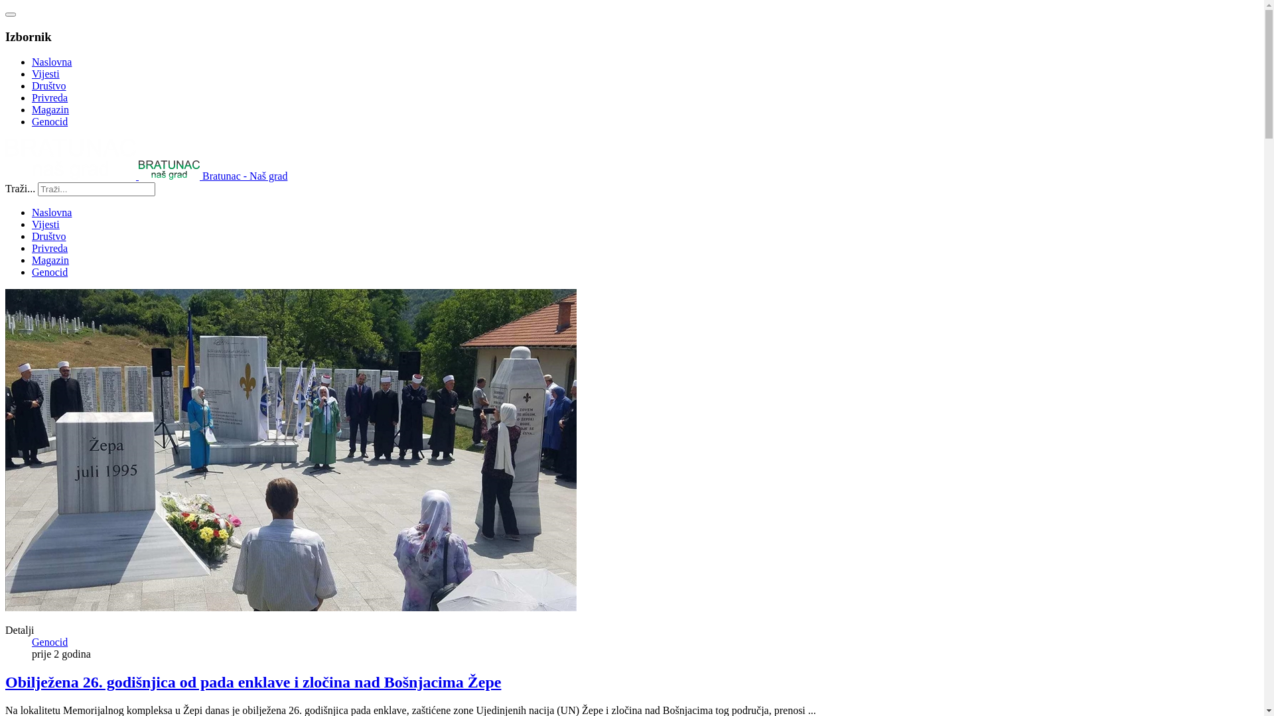 Image resolution: width=1274 pixels, height=716 pixels. I want to click on 'Naslovna', so click(51, 211).